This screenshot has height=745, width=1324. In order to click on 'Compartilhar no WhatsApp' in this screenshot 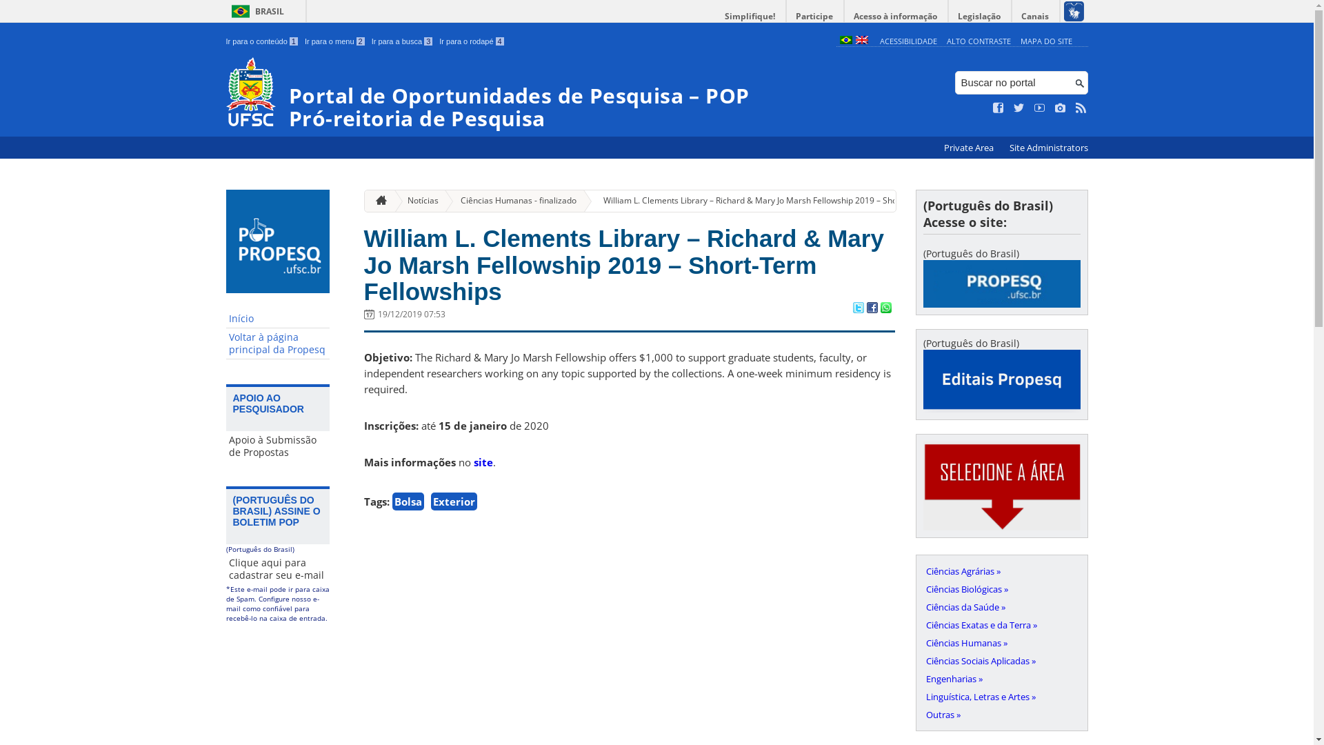, I will do `click(885, 308)`.